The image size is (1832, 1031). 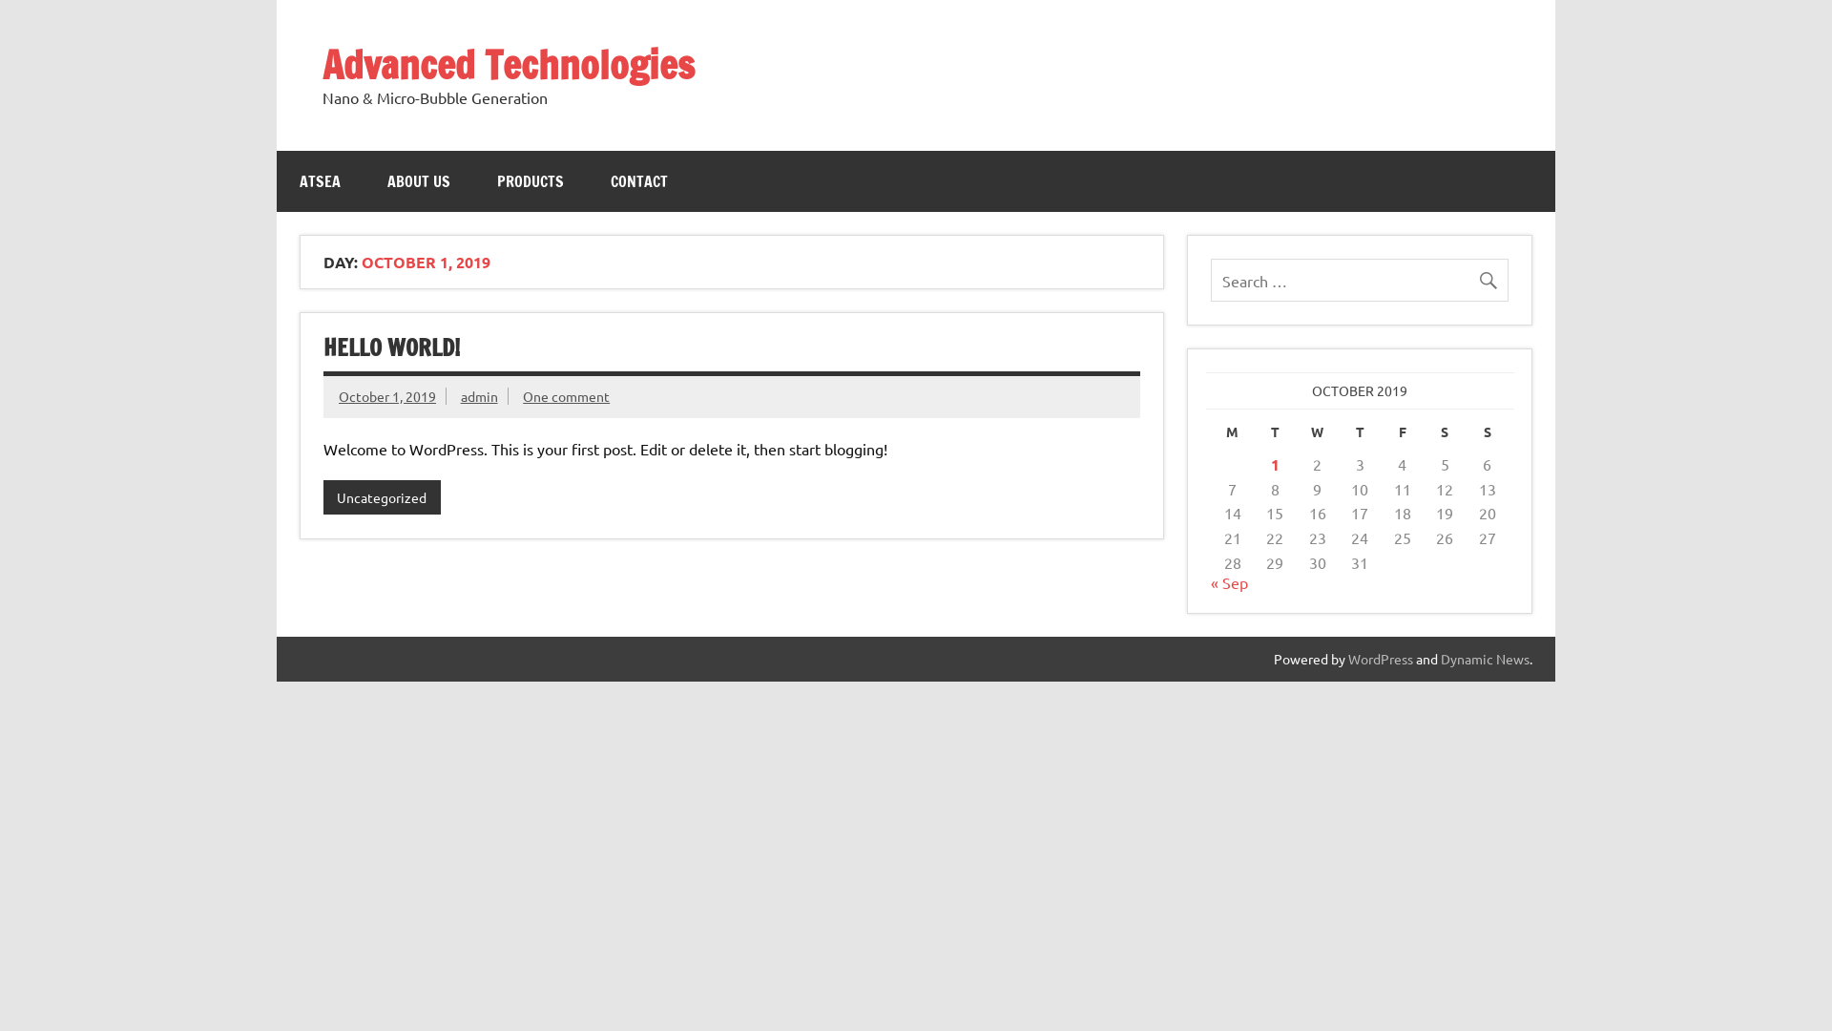 I want to click on 'October 1, 2019', so click(x=386, y=395).